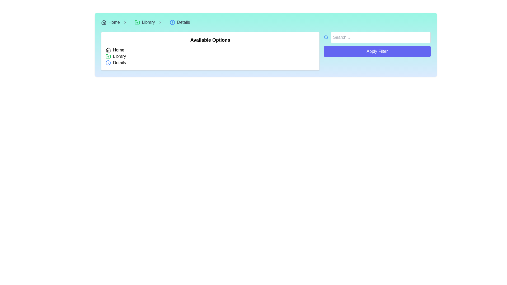 The image size is (507, 285). I want to click on the house-shaped SVG icon located next to the 'Home' text, so click(108, 50).